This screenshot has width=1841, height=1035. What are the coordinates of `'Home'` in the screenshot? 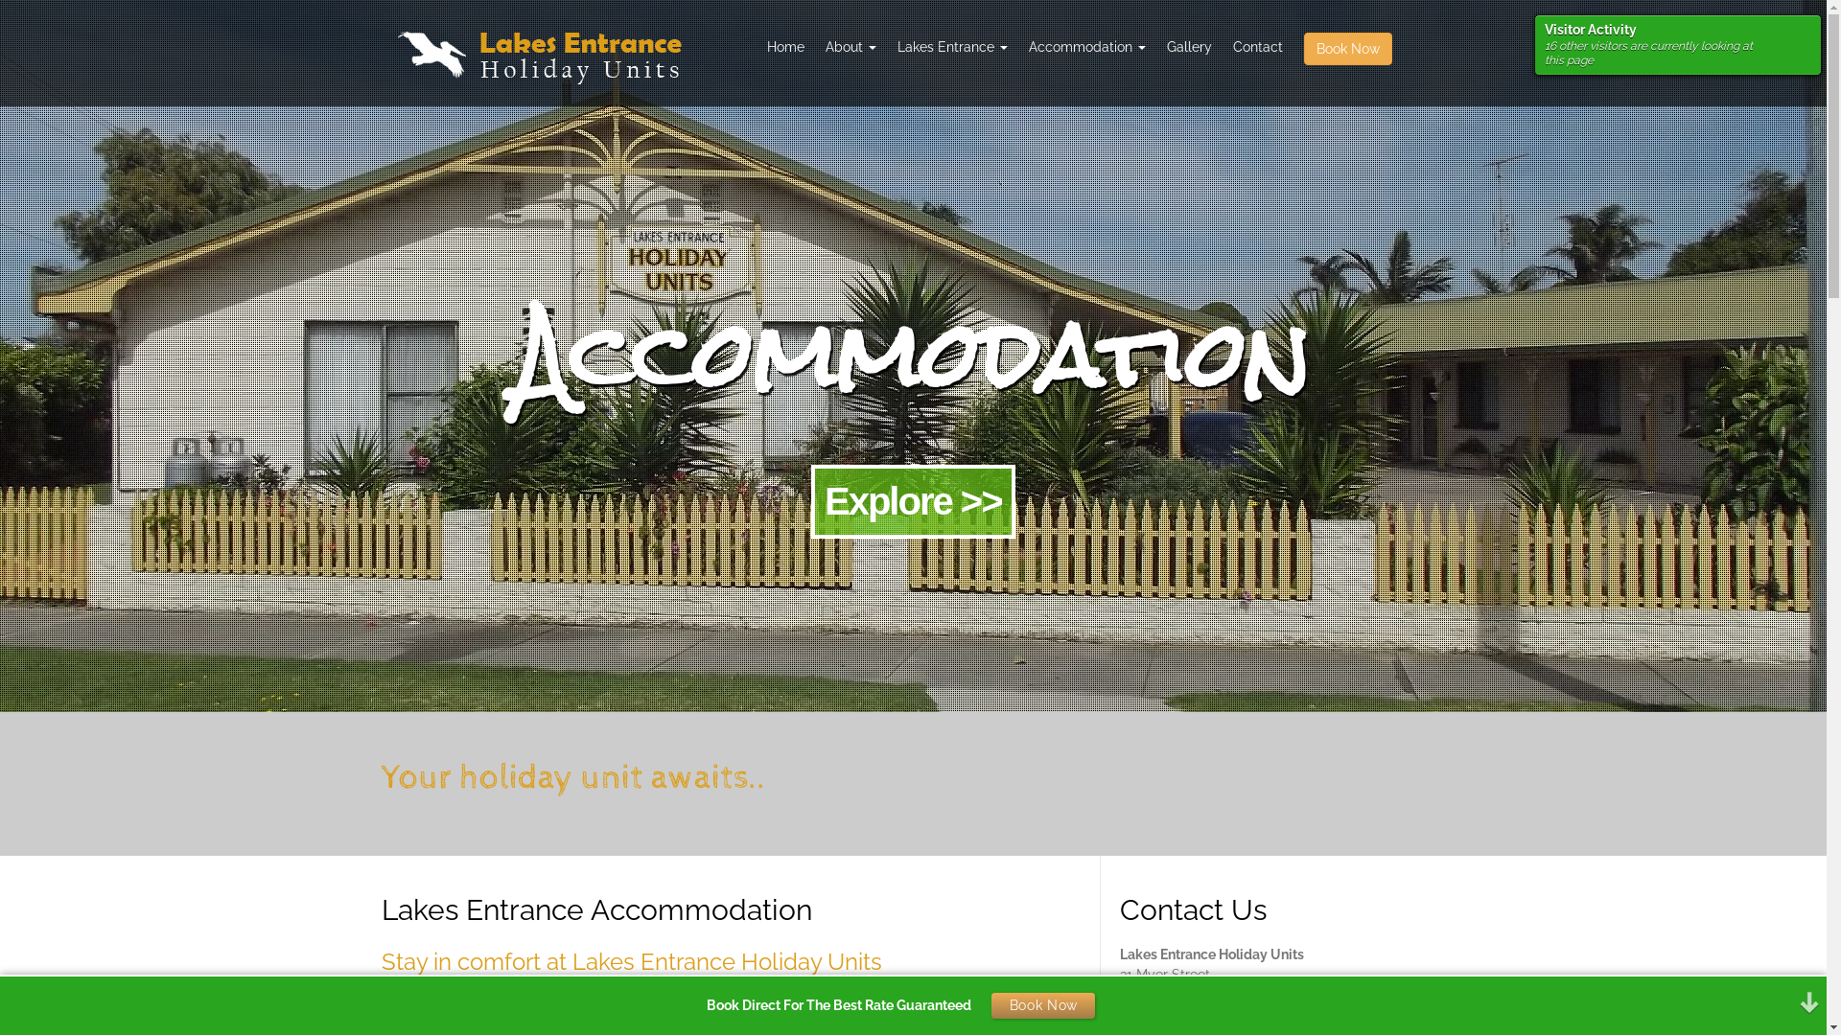 It's located at (784, 46).